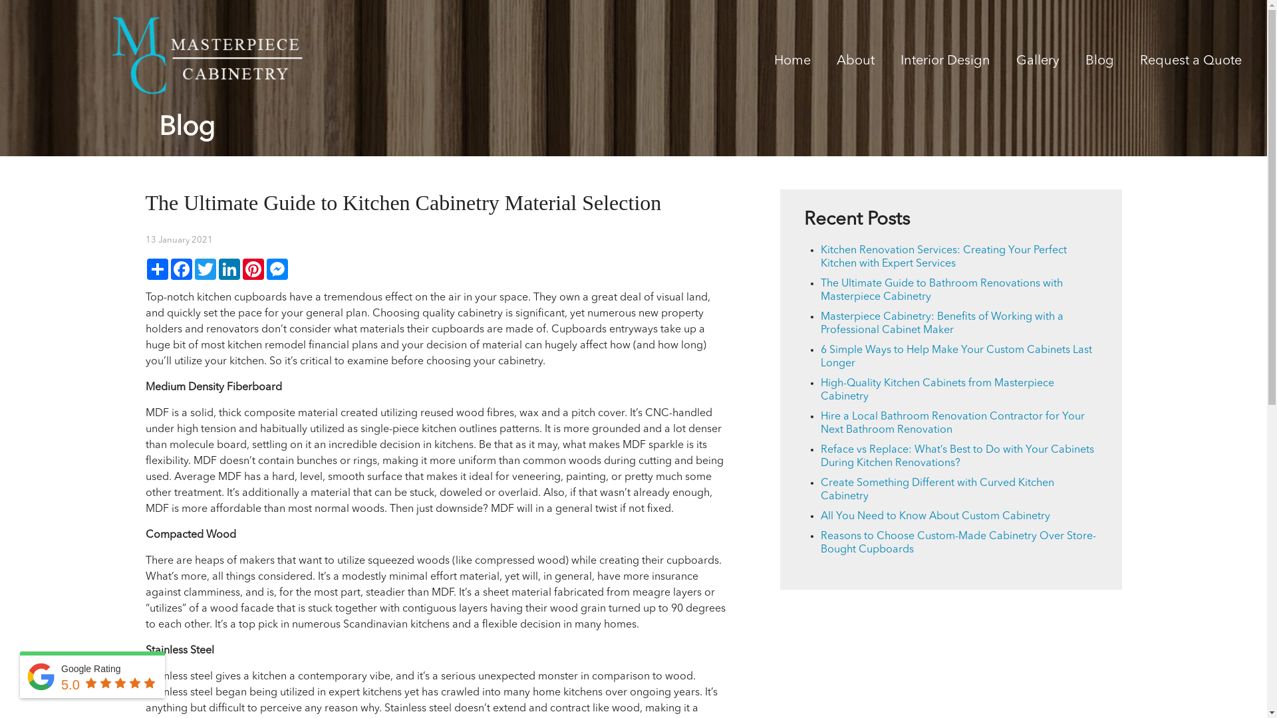  Describe the element at coordinates (792, 63) in the screenshot. I see `'Home'` at that location.